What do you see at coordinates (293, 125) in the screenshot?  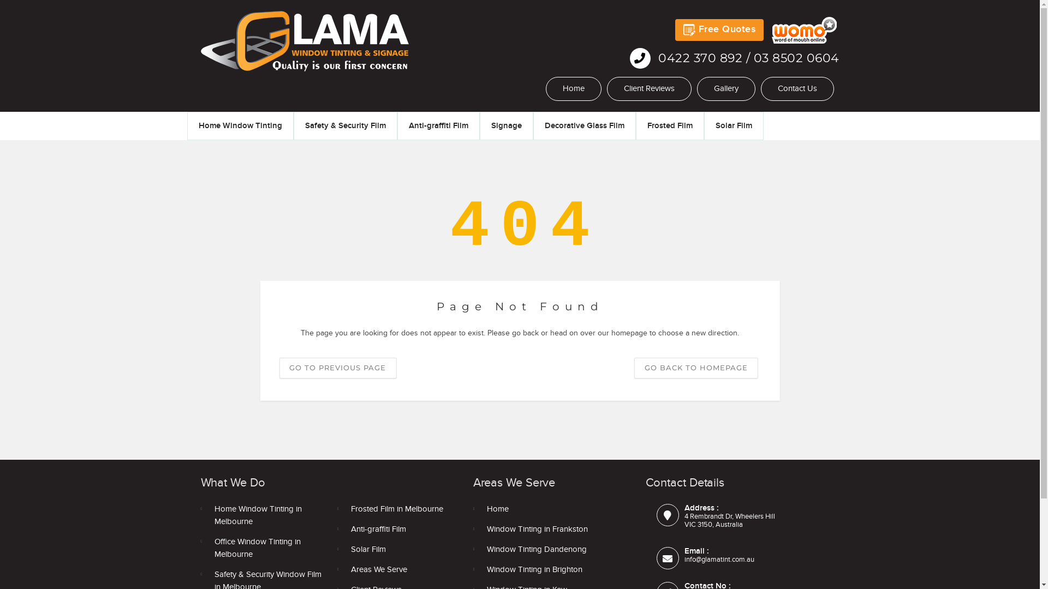 I see `'Safety & Security Film'` at bounding box center [293, 125].